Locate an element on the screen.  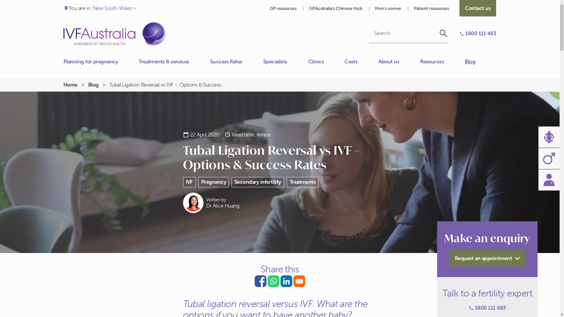
'GP resources' is located at coordinates (283, 8).